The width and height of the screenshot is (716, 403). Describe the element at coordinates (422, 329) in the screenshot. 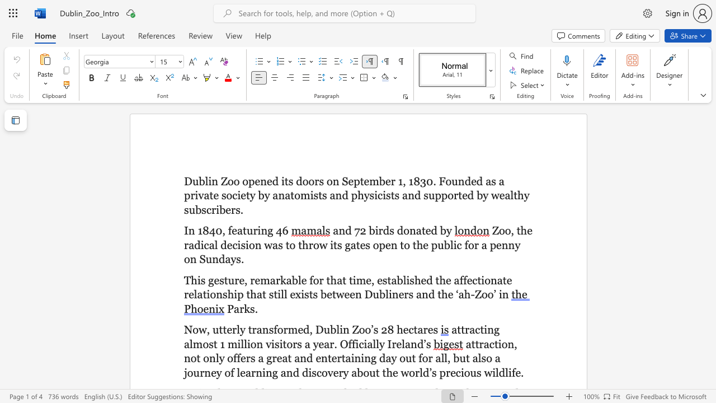

I see `the subset text "re" within the text "Now, utterly transformed, Dublin Zoo’s 28 hectares"` at that location.